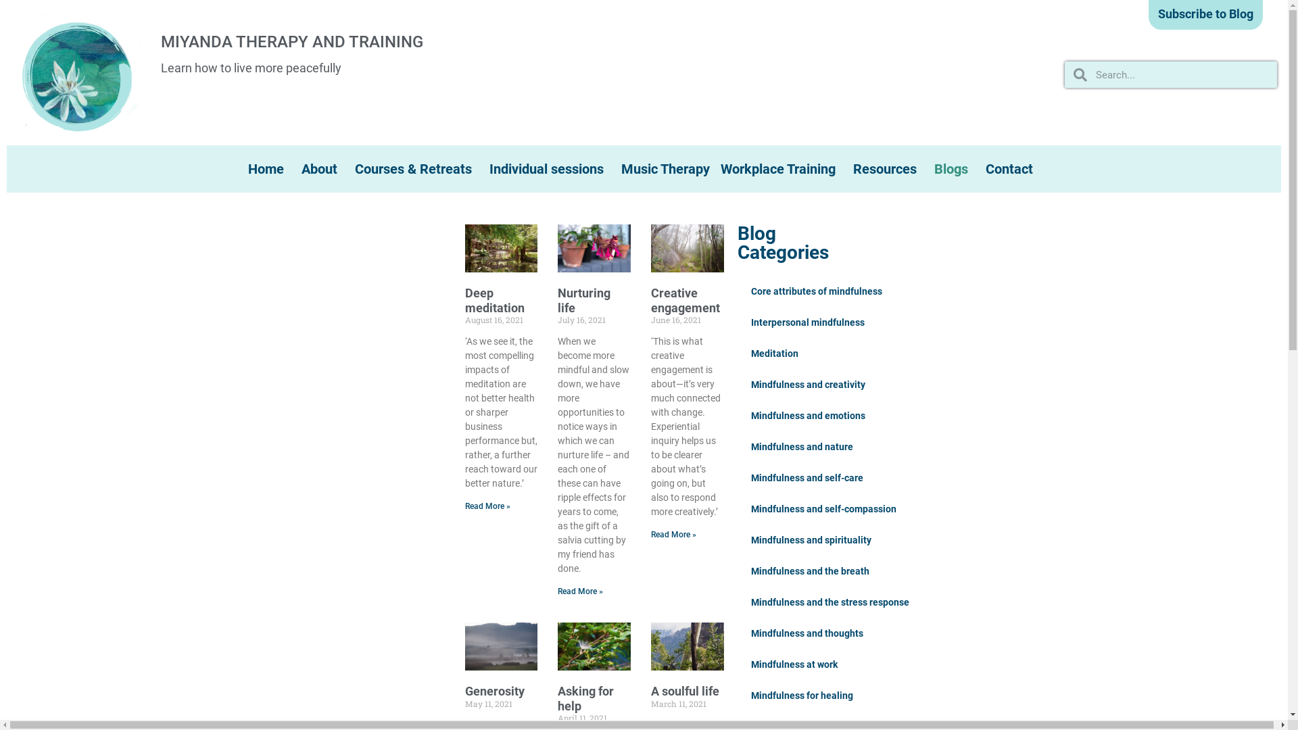 Image resolution: width=1298 pixels, height=730 pixels. Describe the element at coordinates (416, 168) in the screenshot. I see `'Courses & Retreats'` at that location.